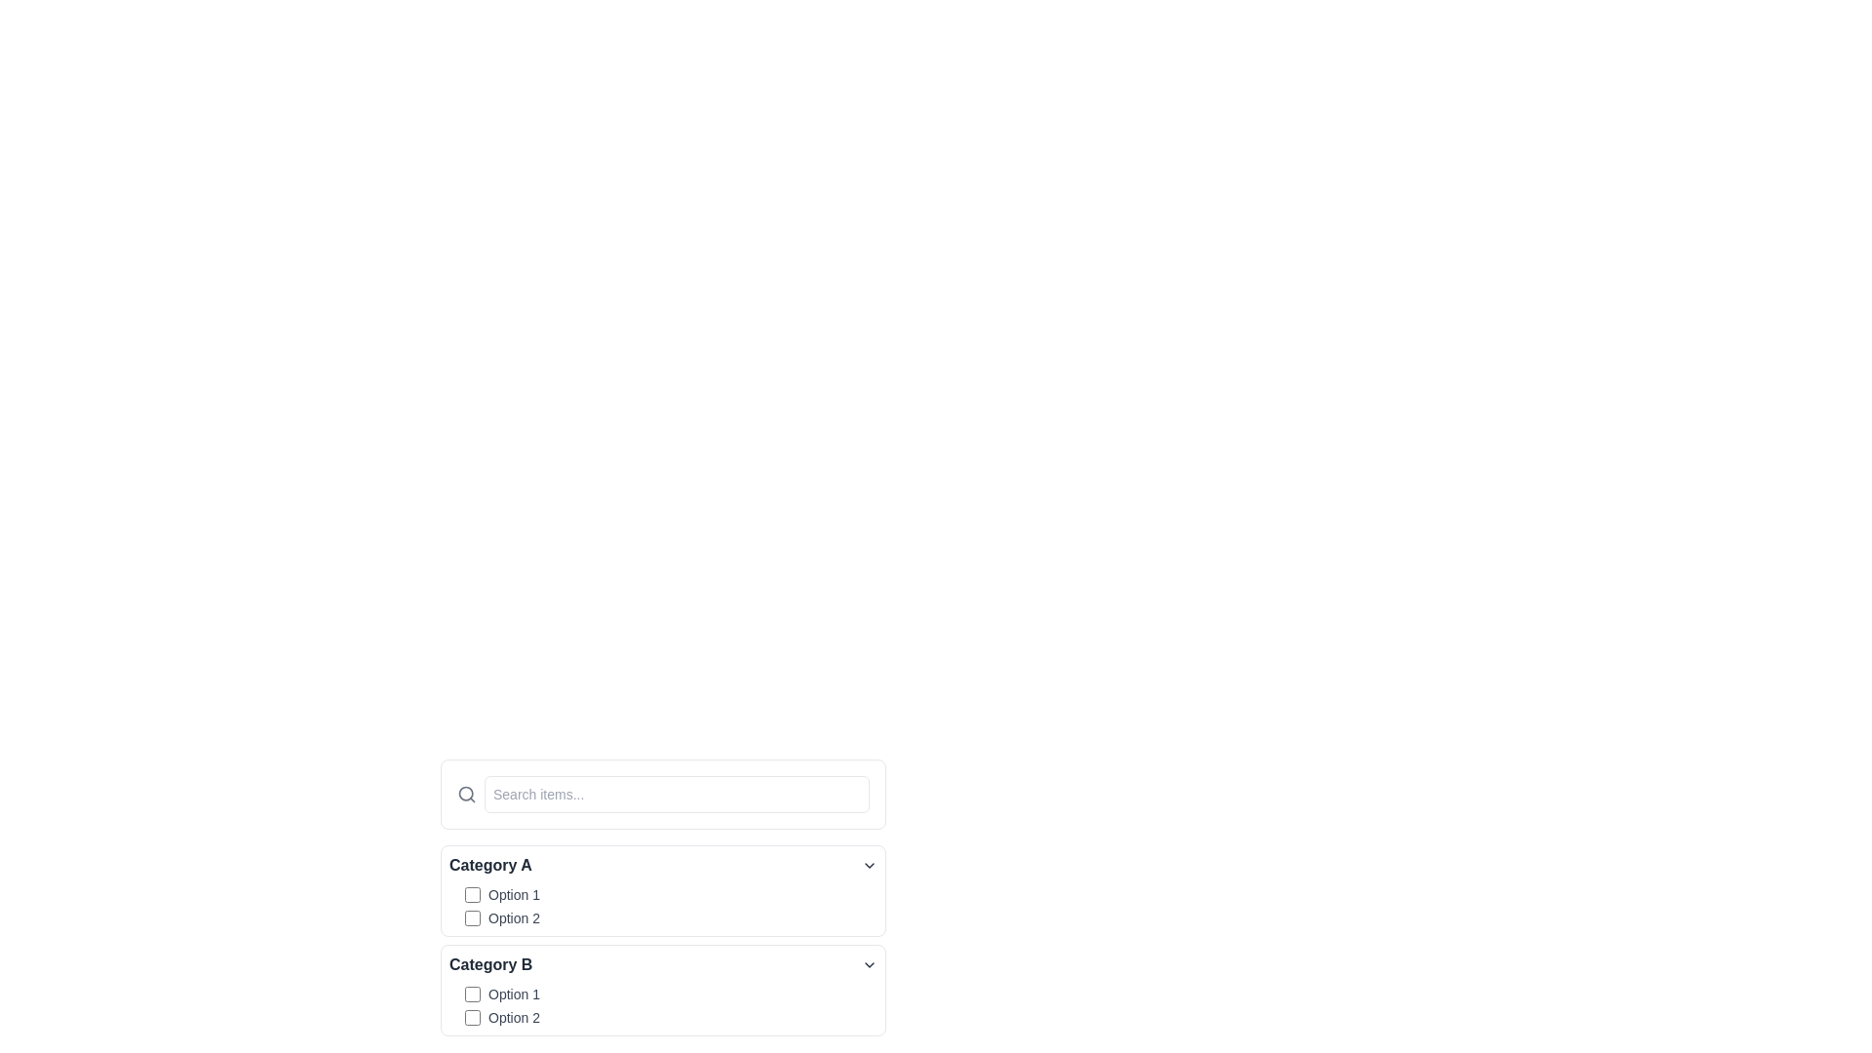 The image size is (1872, 1053). I want to click on the downward pointing chevron icon at the right end of the 'Category B' header, so click(869, 965).